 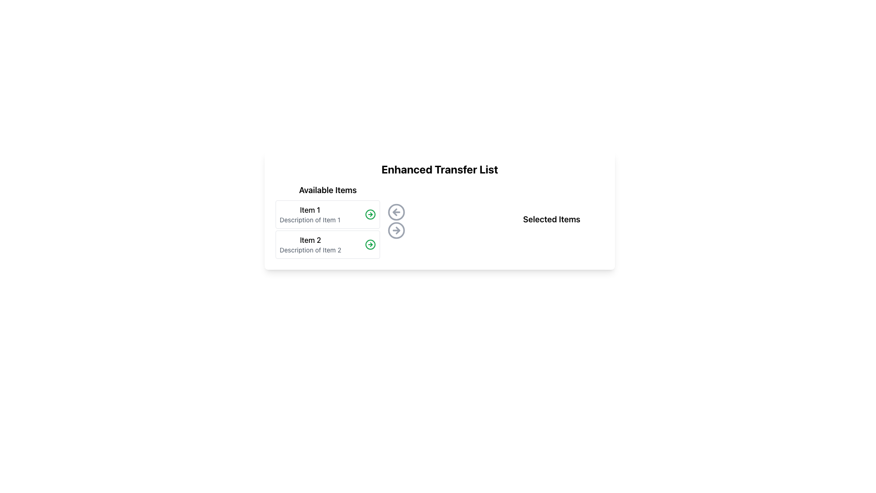 I want to click on the circular button with a right-pointing arrow icon, located to the right of the left-pointing arrow icon under the title 'Enhanced Transfer List', so click(x=396, y=230).